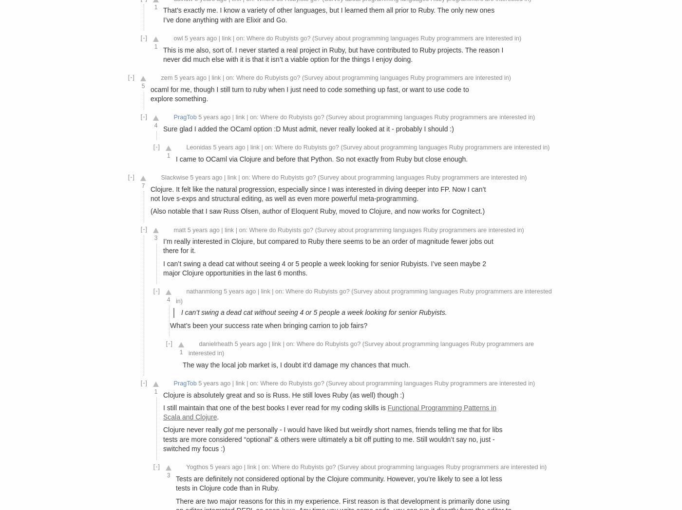  What do you see at coordinates (328, 14) in the screenshot?
I see `'That’s exactly me.  I know a variety of other languages, but I learned them all prior to Ruby.  The only new ones I’ve done anything with are Elixir and Go.'` at bounding box center [328, 14].